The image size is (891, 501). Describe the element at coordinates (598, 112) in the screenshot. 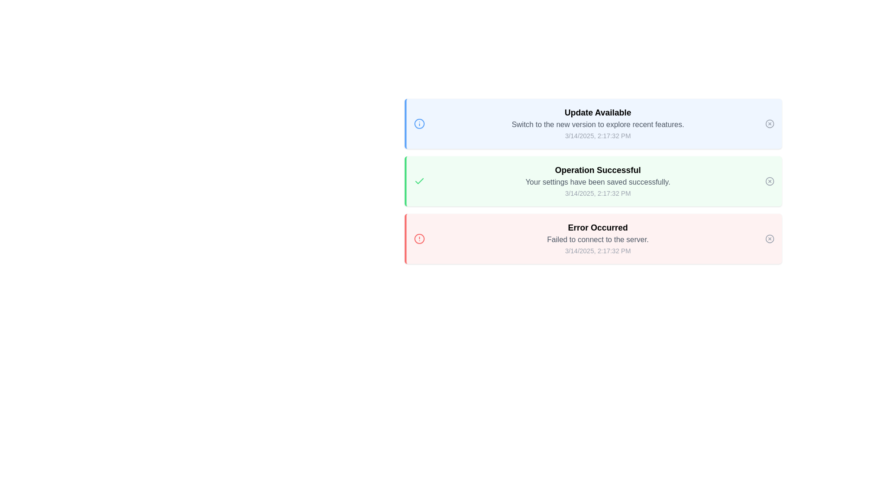

I see `the Text Label that serves as the header for the message panel, positioned at the top of the panel above the description text and timestamp` at that location.